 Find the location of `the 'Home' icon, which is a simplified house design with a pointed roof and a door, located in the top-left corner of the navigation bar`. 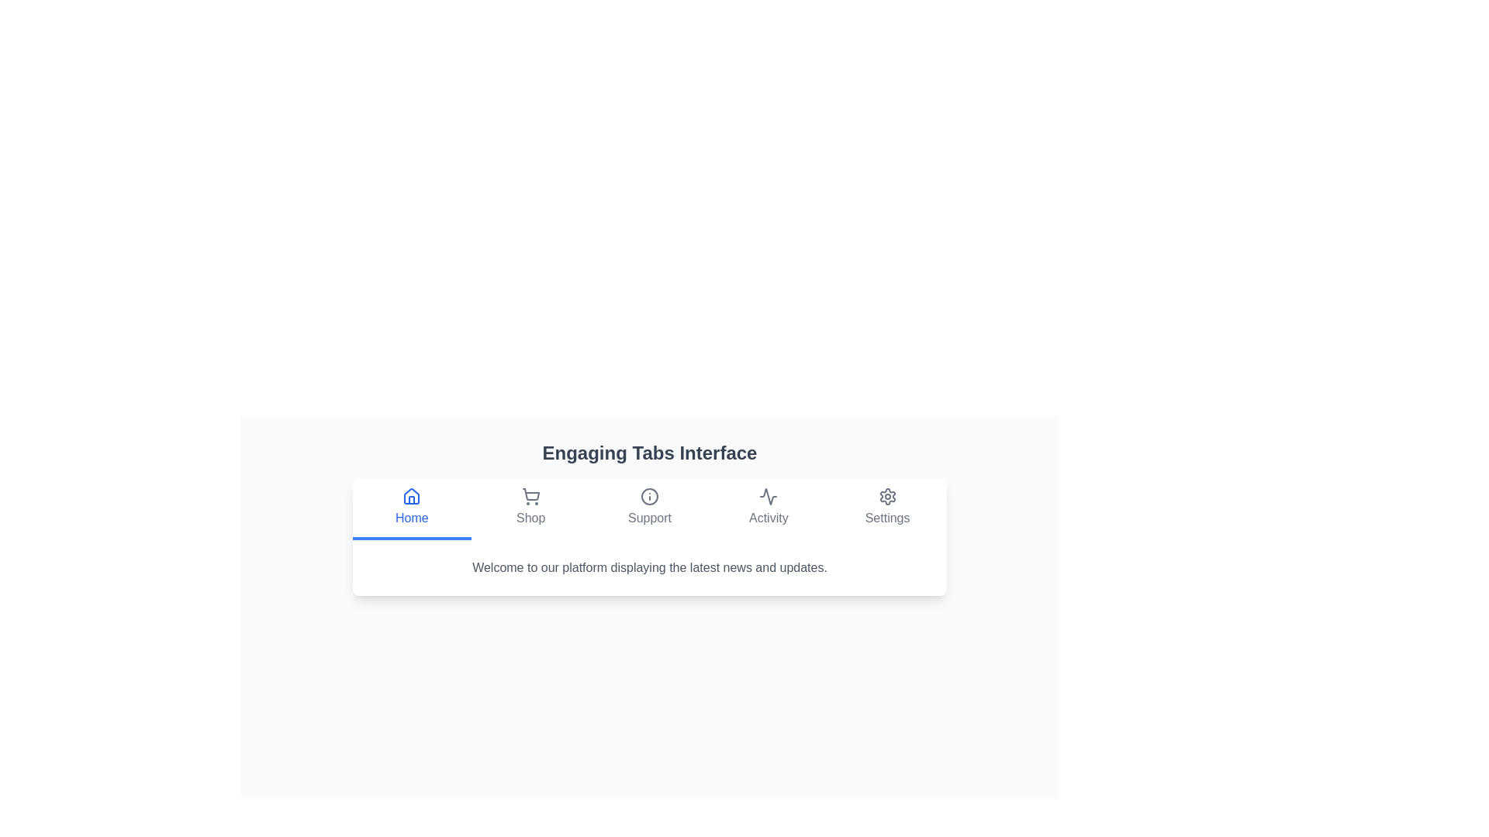

the 'Home' icon, which is a simplified house design with a pointed roof and a door, located in the top-left corner of the navigation bar is located at coordinates (412, 496).